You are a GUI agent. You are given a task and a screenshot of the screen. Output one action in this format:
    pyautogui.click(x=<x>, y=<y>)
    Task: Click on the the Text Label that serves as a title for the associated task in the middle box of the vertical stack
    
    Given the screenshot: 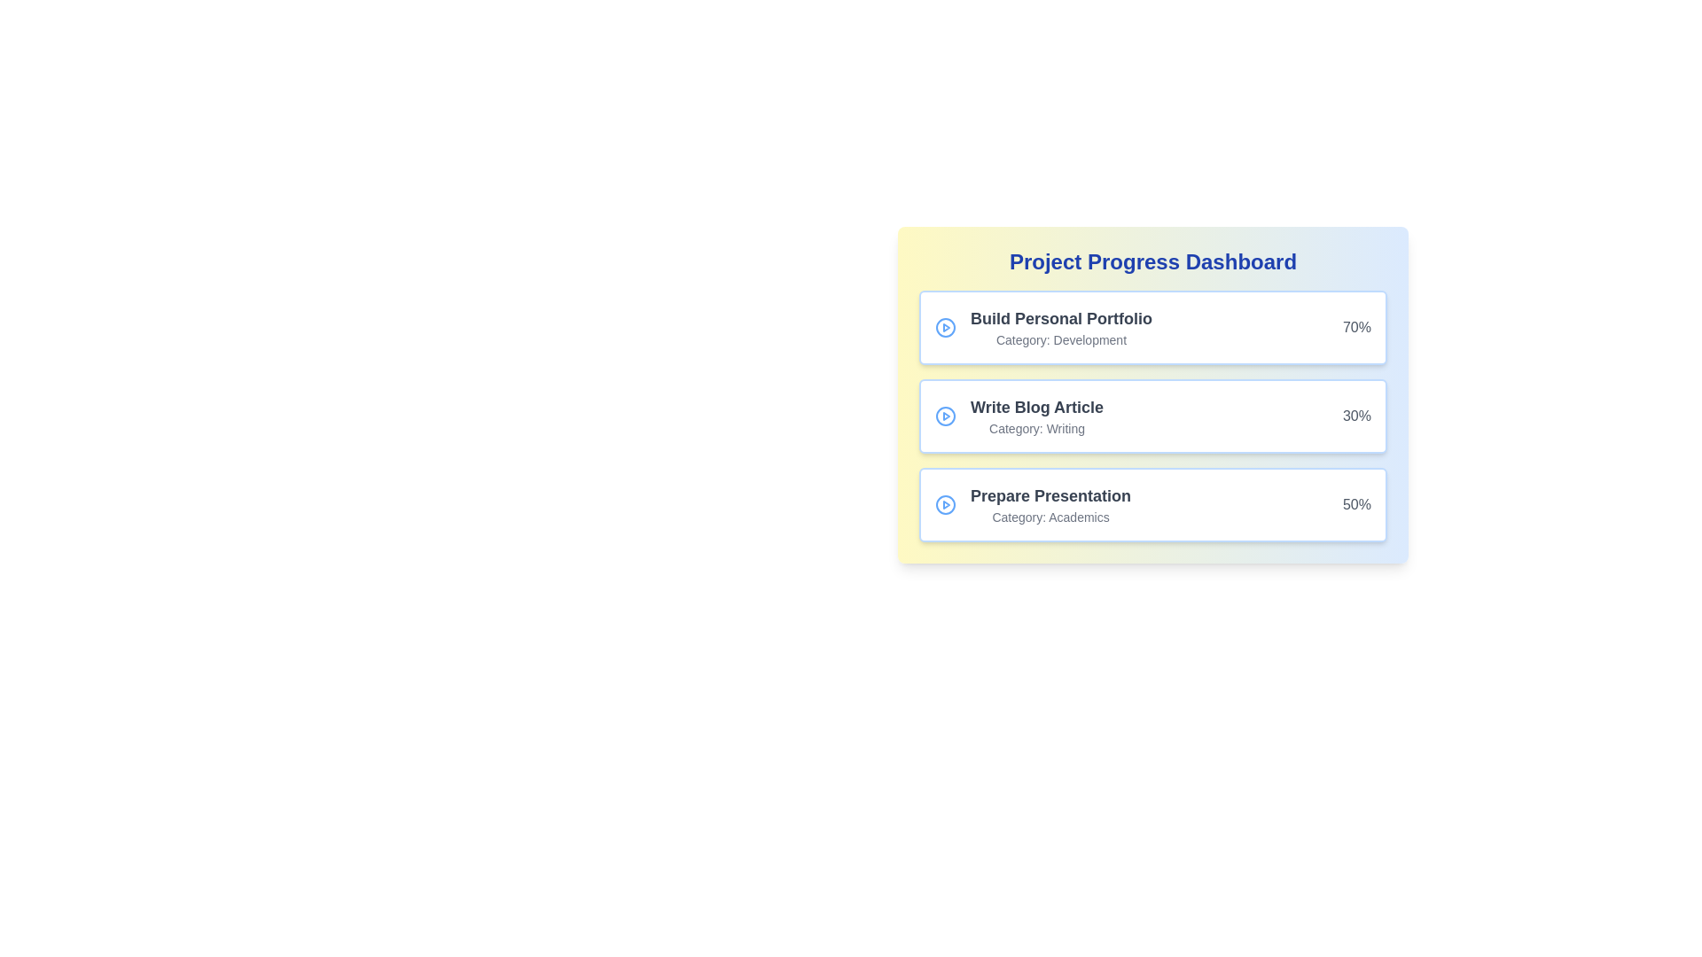 What is the action you would take?
    pyautogui.click(x=1037, y=407)
    